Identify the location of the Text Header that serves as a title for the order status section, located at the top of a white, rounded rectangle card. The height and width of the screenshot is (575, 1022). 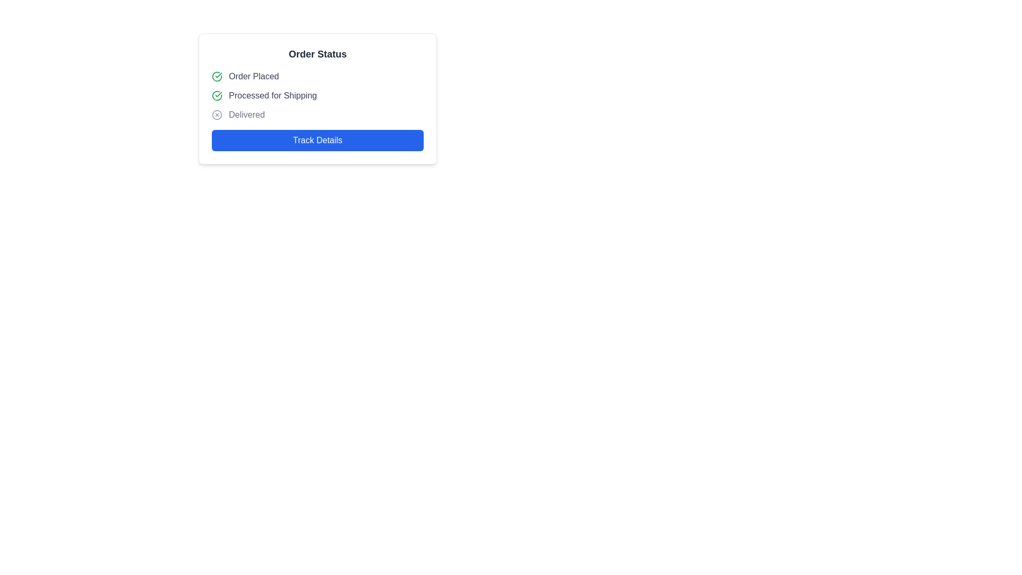
(317, 54).